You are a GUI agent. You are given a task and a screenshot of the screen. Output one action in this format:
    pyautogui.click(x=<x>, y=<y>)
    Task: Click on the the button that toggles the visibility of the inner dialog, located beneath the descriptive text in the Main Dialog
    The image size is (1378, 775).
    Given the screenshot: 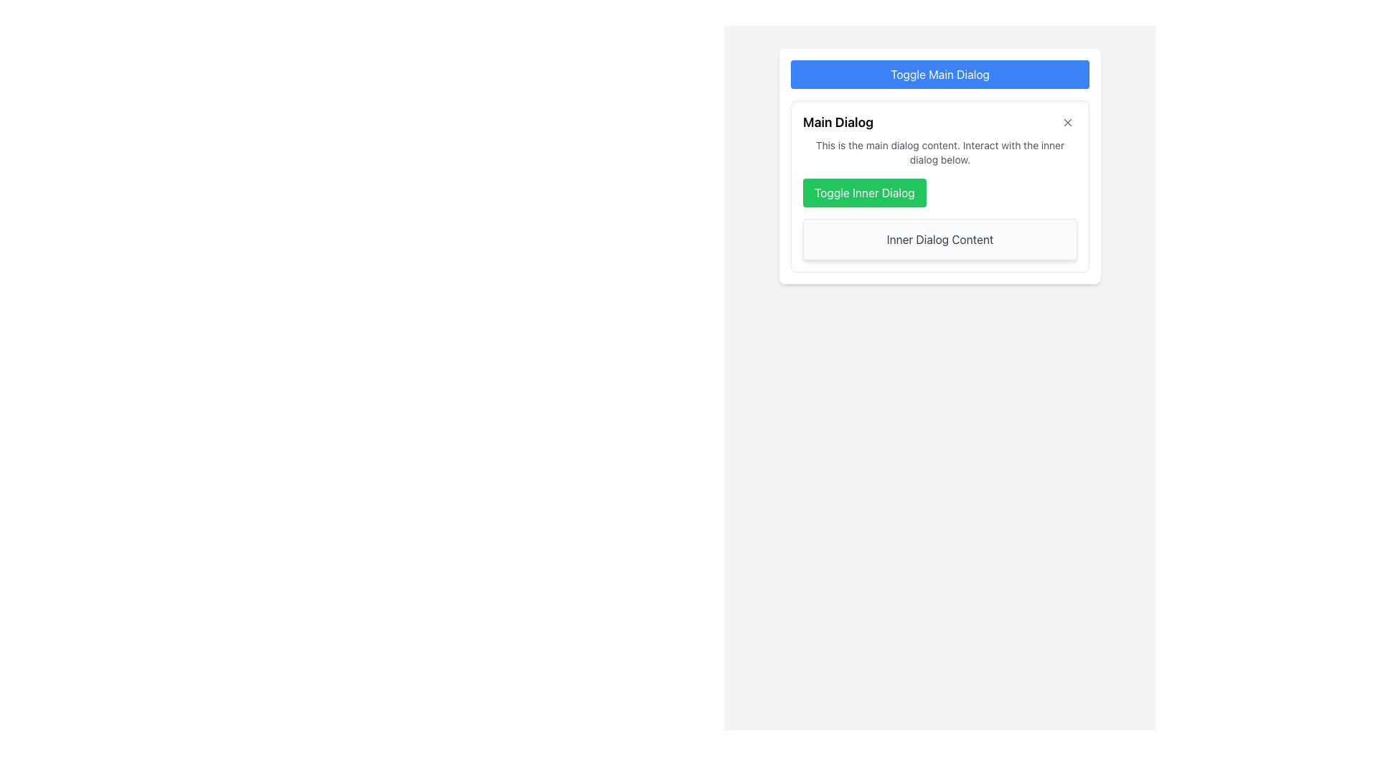 What is the action you would take?
    pyautogui.click(x=863, y=192)
    